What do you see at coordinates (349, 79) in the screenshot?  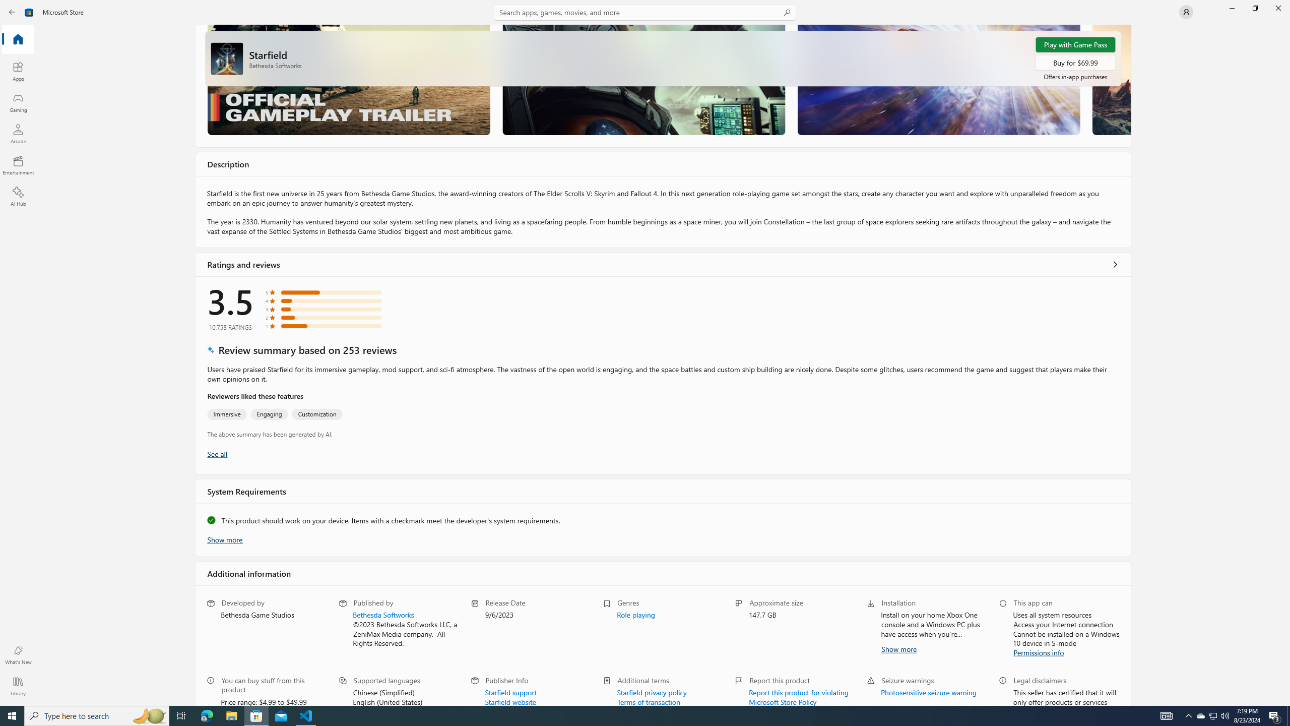 I see `'Gameplay Trailer'` at bounding box center [349, 79].